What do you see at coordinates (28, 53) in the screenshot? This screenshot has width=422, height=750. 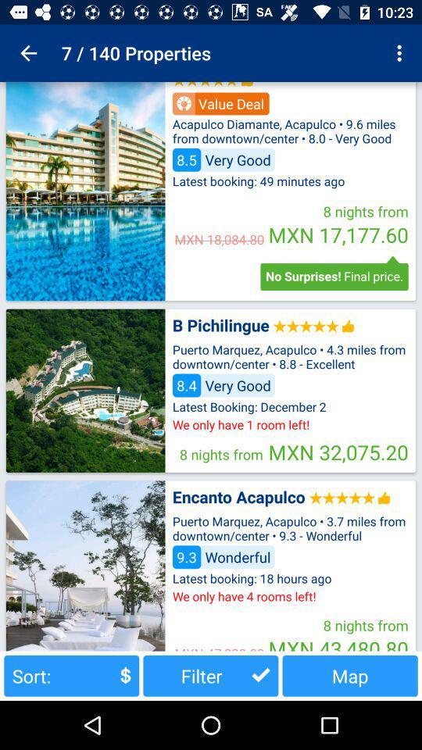 I see `the icon next to 7 / 140 properties app` at bounding box center [28, 53].